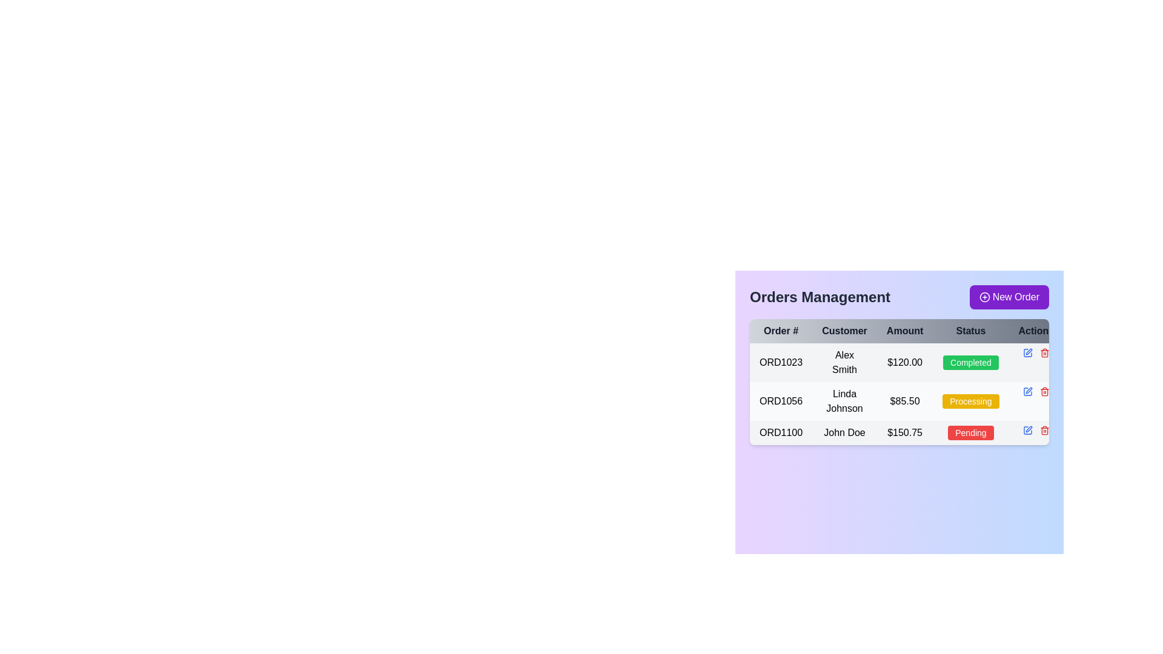  Describe the element at coordinates (844, 362) in the screenshot. I see `the text element displaying 'Alex Smith' in the 'Customer' column of the data table` at that location.